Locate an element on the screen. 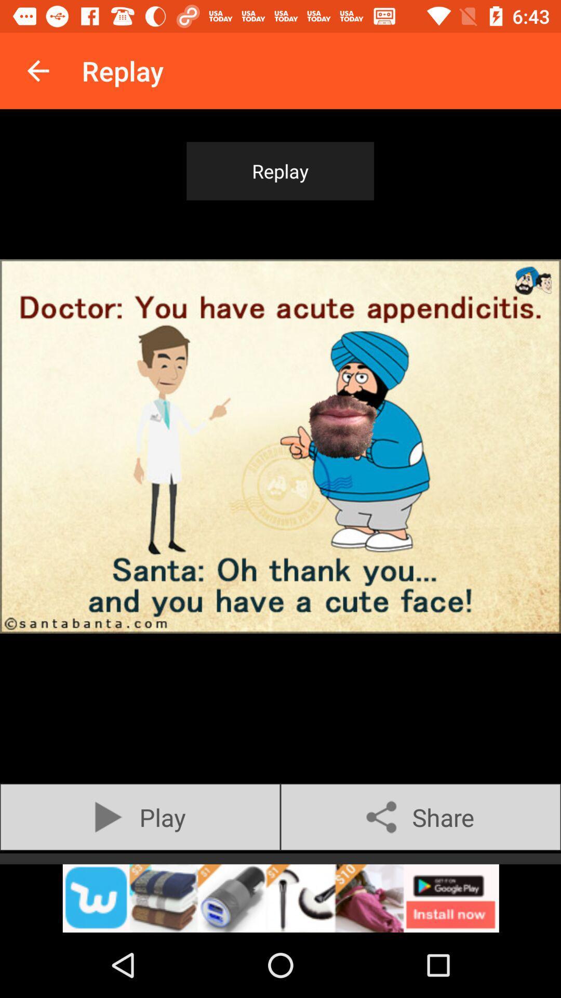 The height and width of the screenshot is (998, 561). open advertisement is located at coordinates (280, 898).